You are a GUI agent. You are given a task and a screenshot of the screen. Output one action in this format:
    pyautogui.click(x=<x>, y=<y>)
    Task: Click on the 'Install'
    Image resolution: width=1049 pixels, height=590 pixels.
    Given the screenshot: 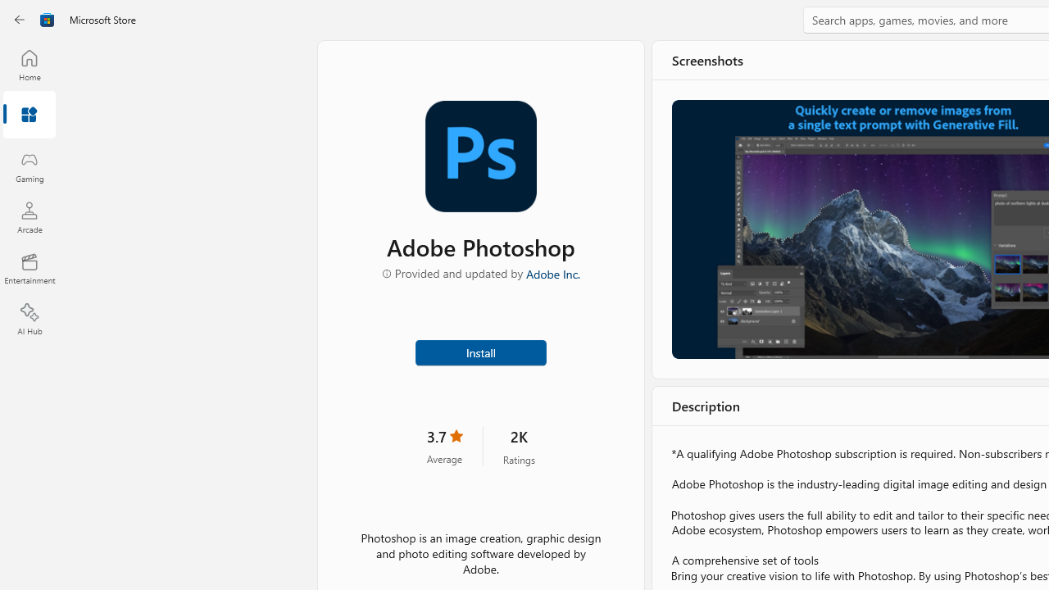 What is the action you would take?
    pyautogui.click(x=479, y=351)
    